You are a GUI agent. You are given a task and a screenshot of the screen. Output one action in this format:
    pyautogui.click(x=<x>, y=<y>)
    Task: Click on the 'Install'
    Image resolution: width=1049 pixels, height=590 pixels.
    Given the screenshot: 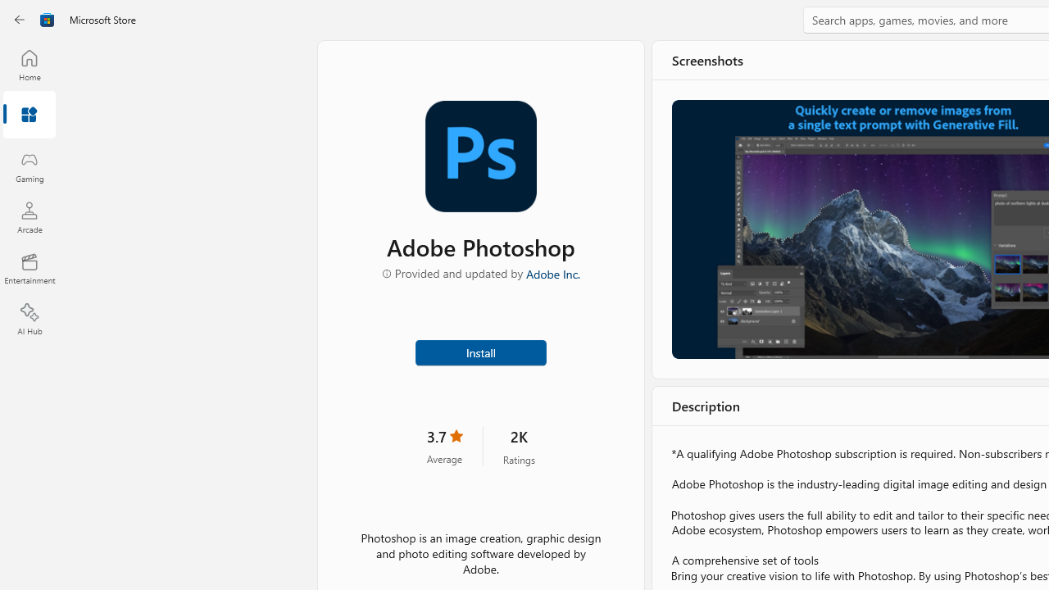 What is the action you would take?
    pyautogui.click(x=479, y=351)
    